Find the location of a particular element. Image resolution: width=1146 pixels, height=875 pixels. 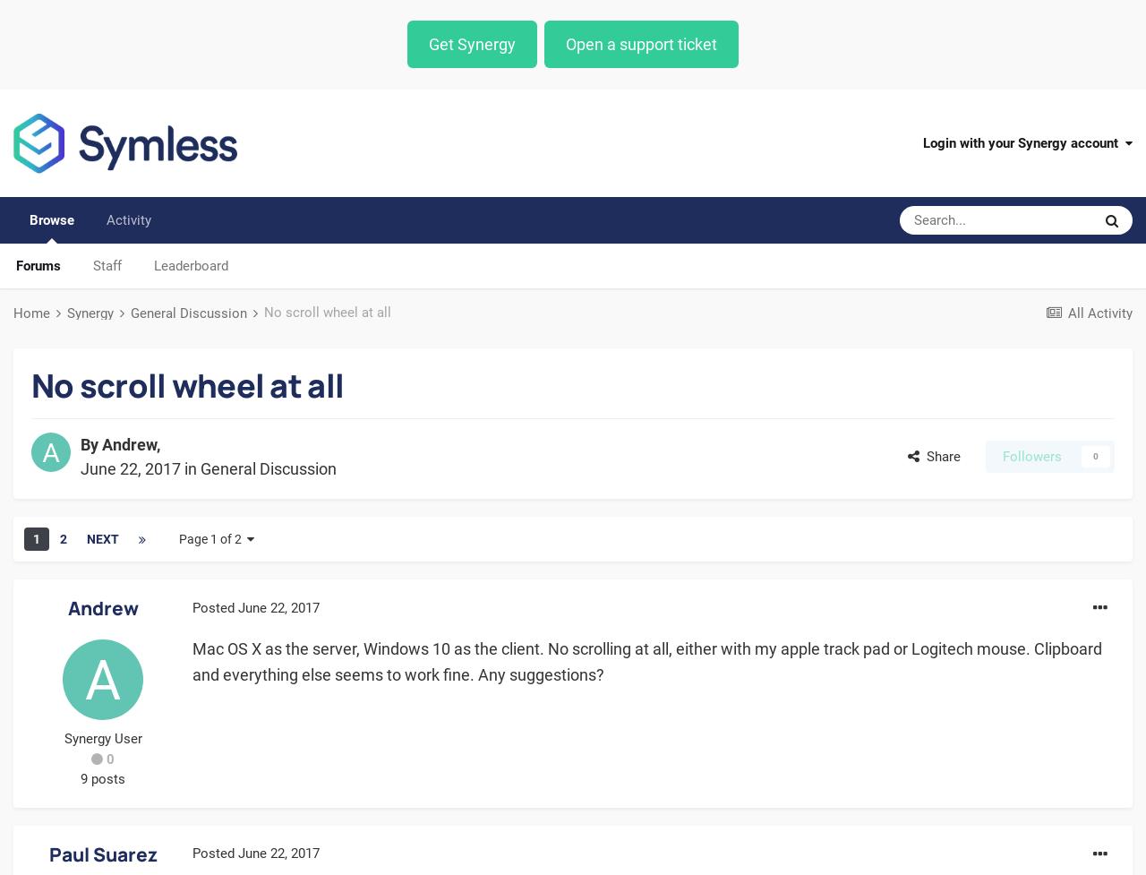

'All Activity' is located at coordinates (1099, 312).